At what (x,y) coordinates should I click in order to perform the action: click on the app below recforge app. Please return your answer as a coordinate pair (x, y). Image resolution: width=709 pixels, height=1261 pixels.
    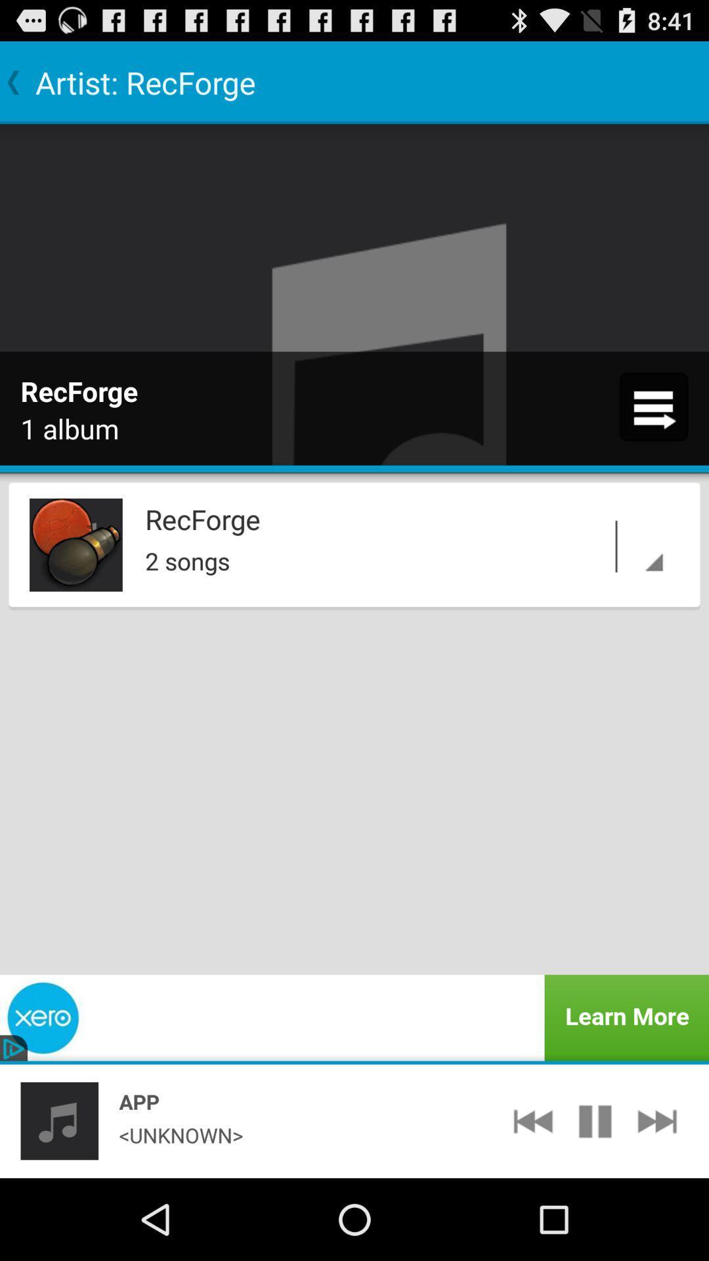
    Looking at the image, I should click on (625, 546).